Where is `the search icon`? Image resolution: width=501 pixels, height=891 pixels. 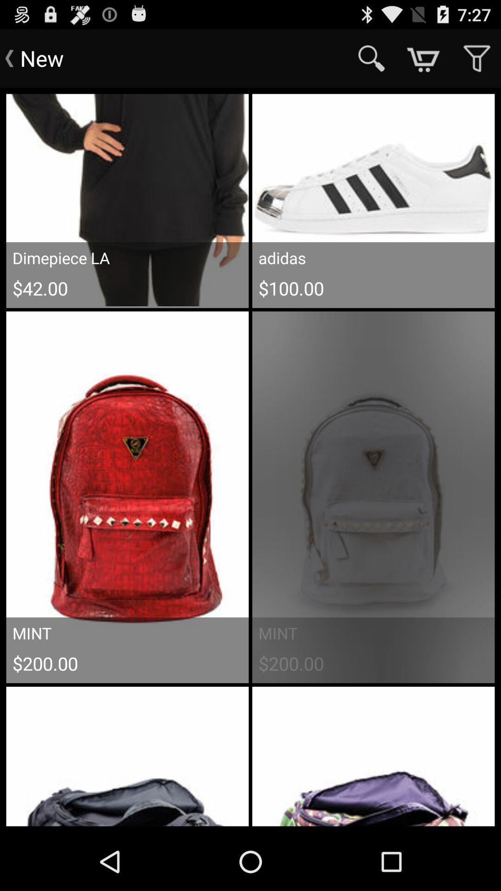
the search icon is located at coordinates (371, 58).